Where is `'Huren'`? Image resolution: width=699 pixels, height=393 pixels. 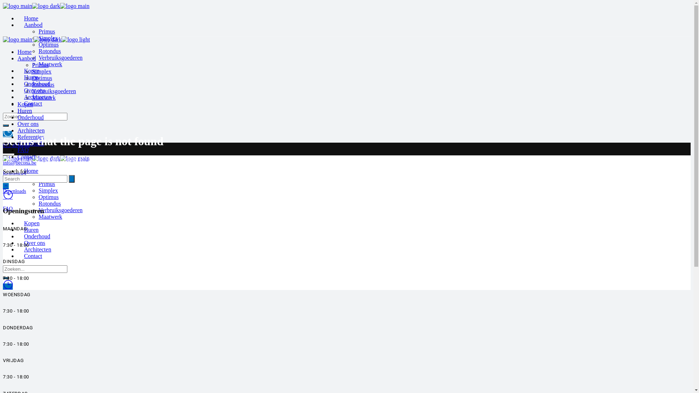
'Huren' is located at coordinates (24, 111).